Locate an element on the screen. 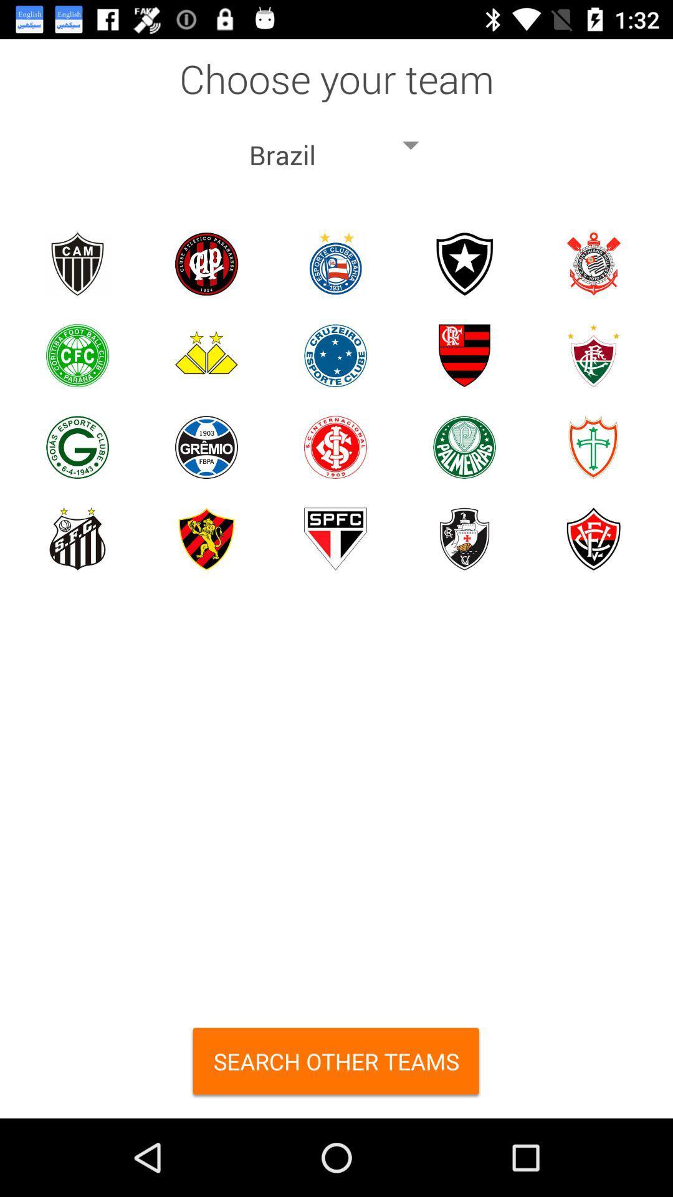 The width and height of the screenshot is (673, 1197). drop down brazil is located at coordinates (336, 145).